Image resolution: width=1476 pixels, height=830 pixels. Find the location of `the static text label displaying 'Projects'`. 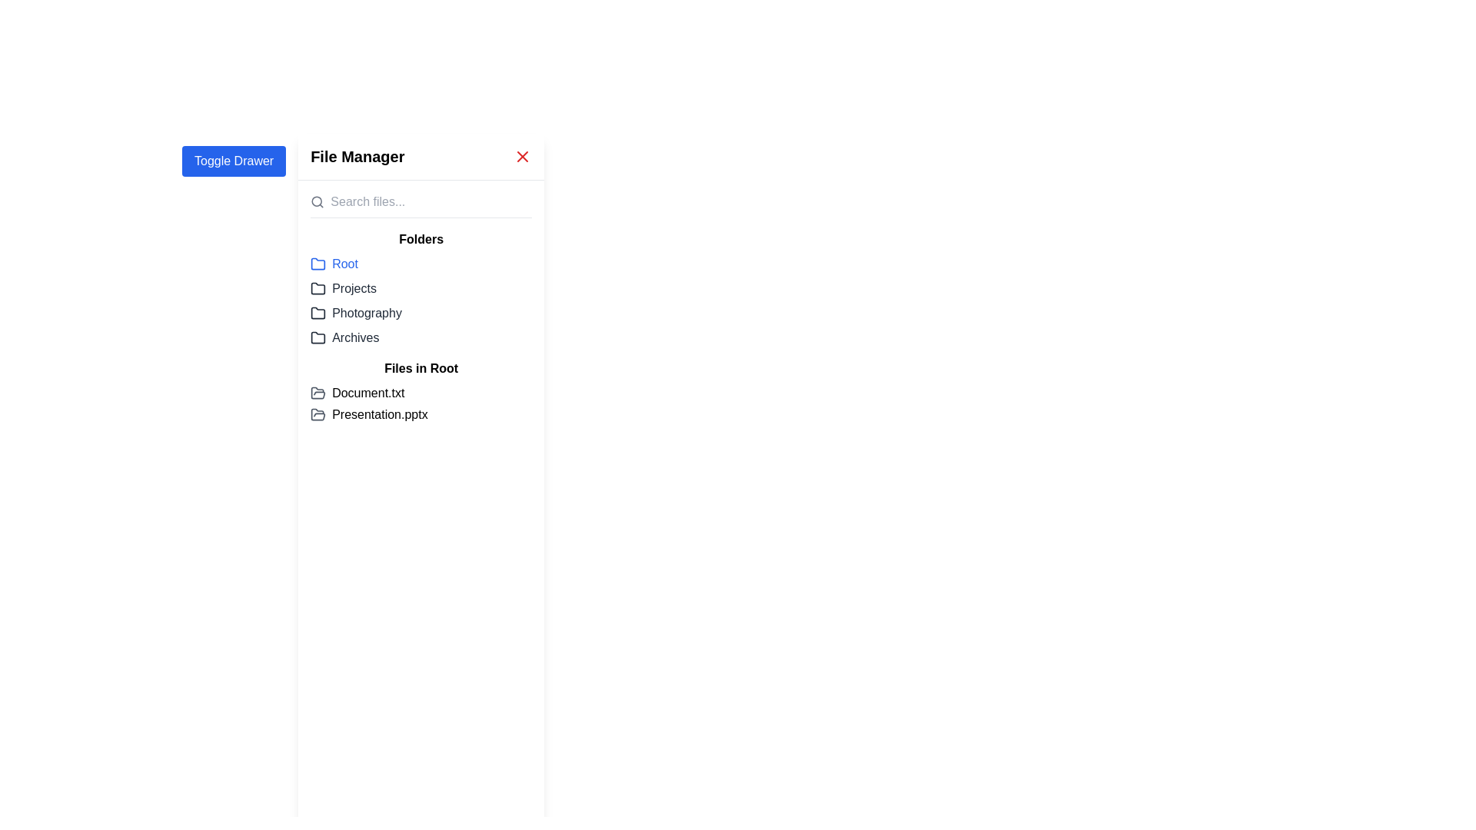

the static text label displaying 'Projects' is located at coordinates (353, 288).